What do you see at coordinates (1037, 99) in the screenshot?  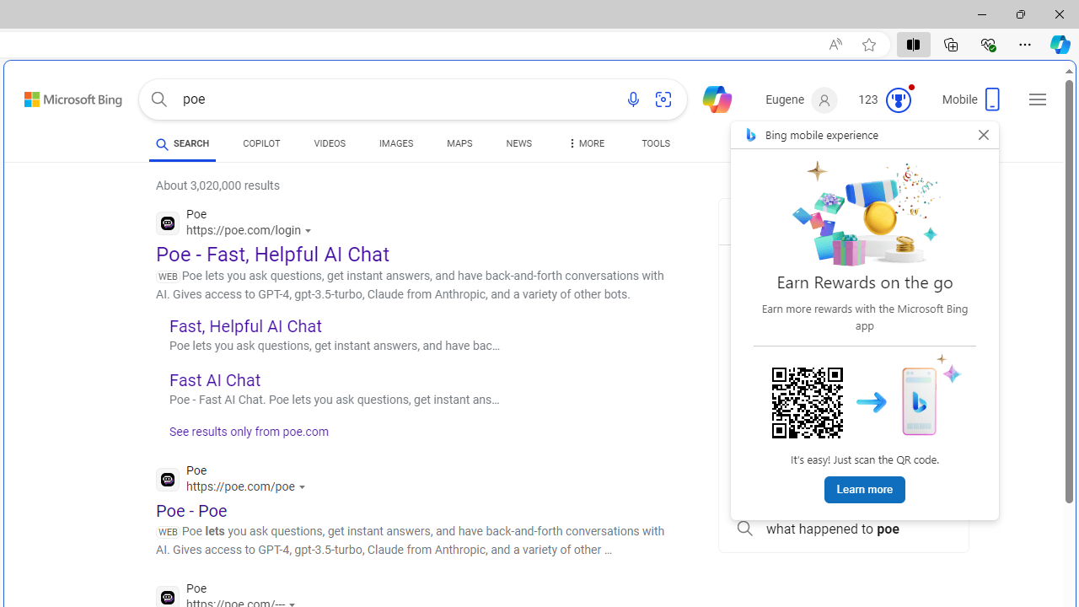 I see `'Settings and quick links'` at bounding box center [1037, 99].